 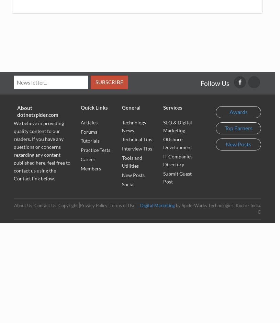 I want to click on 'IT Companies Directory', so click(x=163, y=160).